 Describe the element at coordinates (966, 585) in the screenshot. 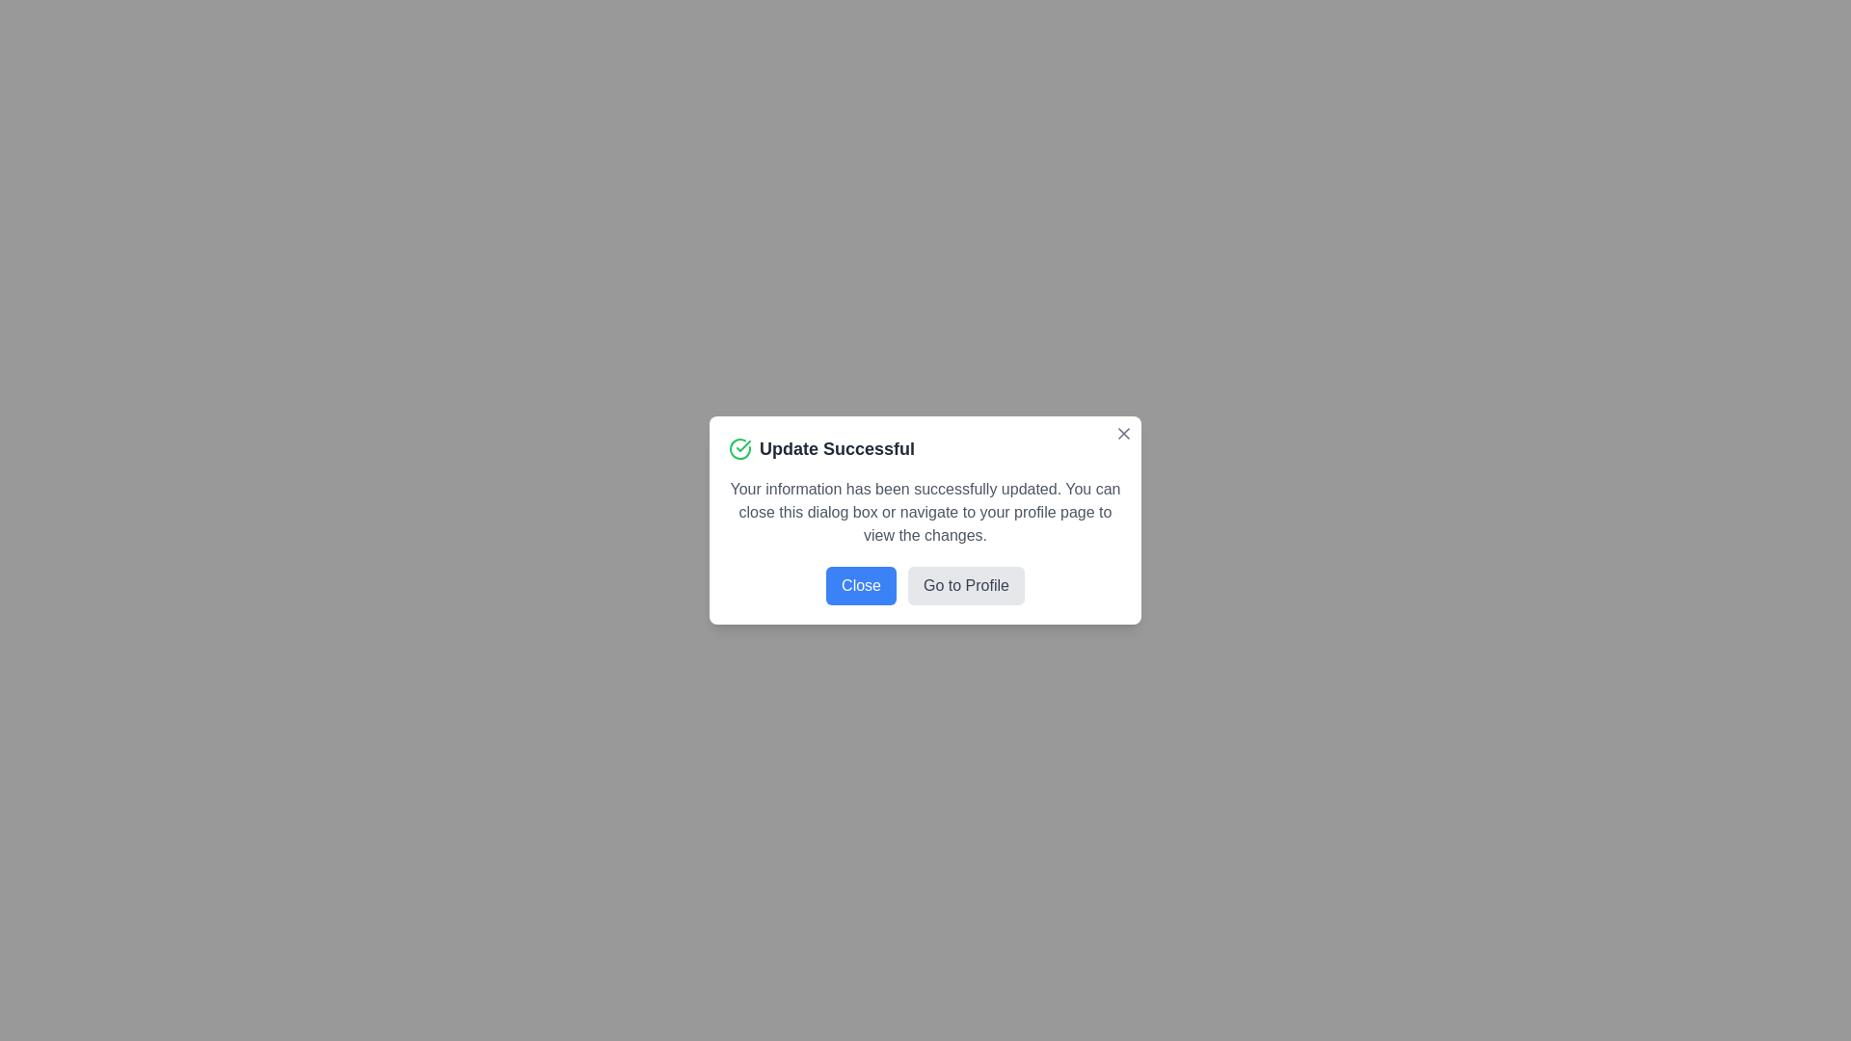

I see `'Go to Profile' button to navigate to the profile page` at that location.